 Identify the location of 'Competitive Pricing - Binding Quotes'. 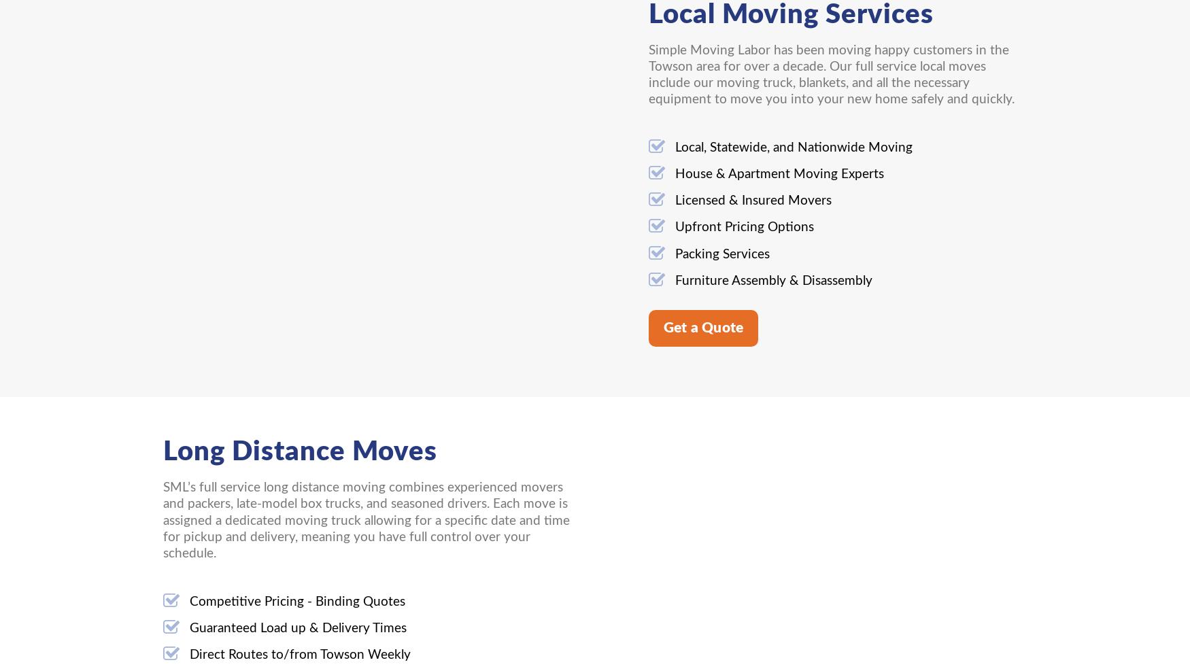
(295, 600).